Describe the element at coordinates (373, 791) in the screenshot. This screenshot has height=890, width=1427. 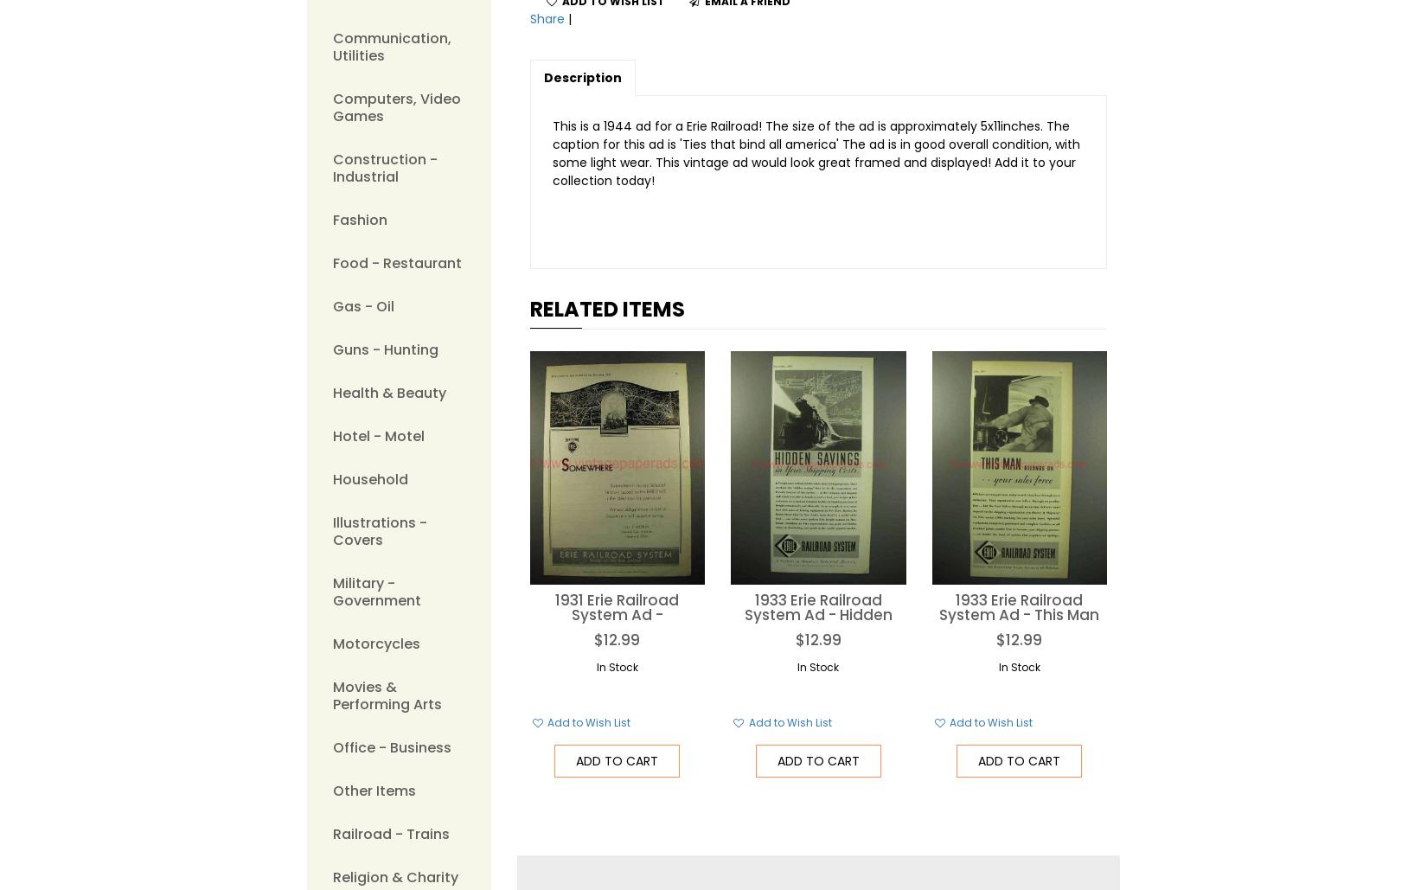
I see `'Other Items'` at that location.